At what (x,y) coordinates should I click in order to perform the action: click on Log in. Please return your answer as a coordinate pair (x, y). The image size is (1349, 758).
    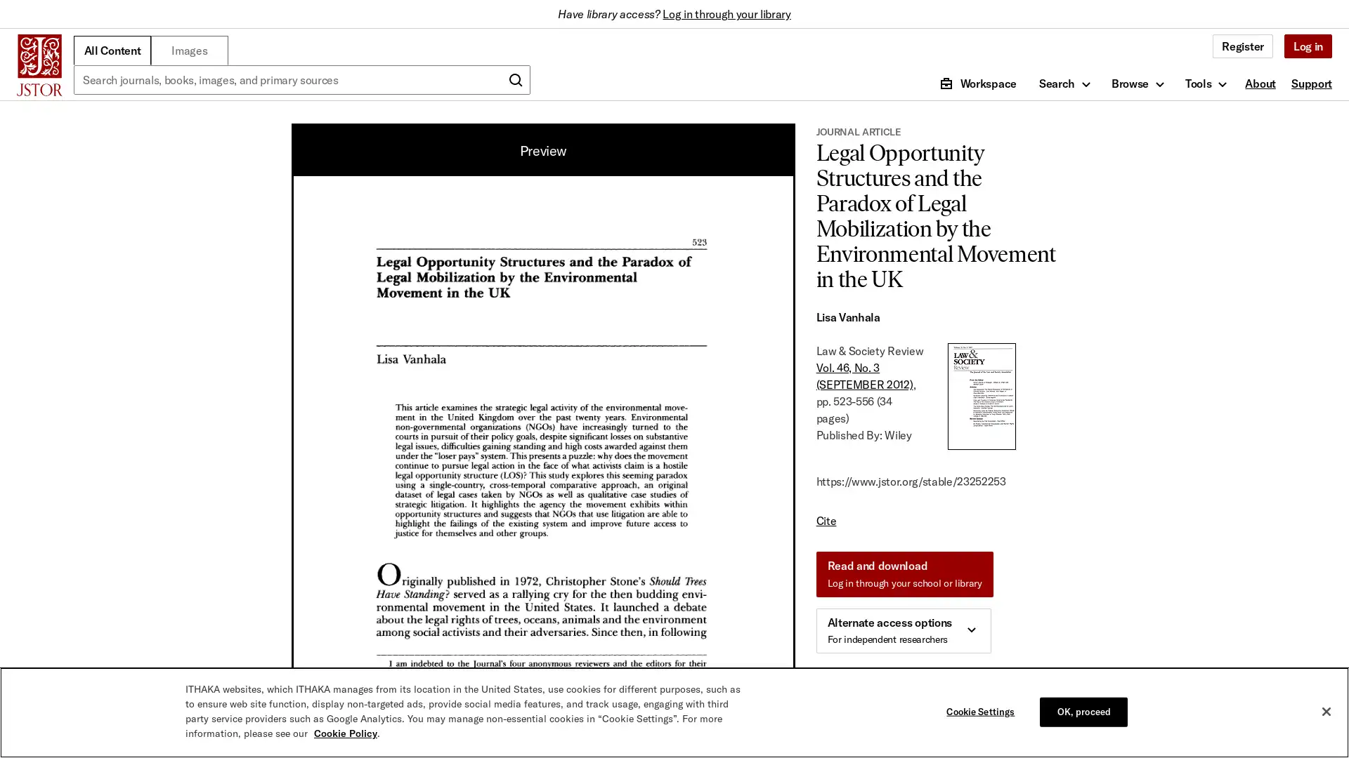
    Looking at the image, I should click on (1307, 45).